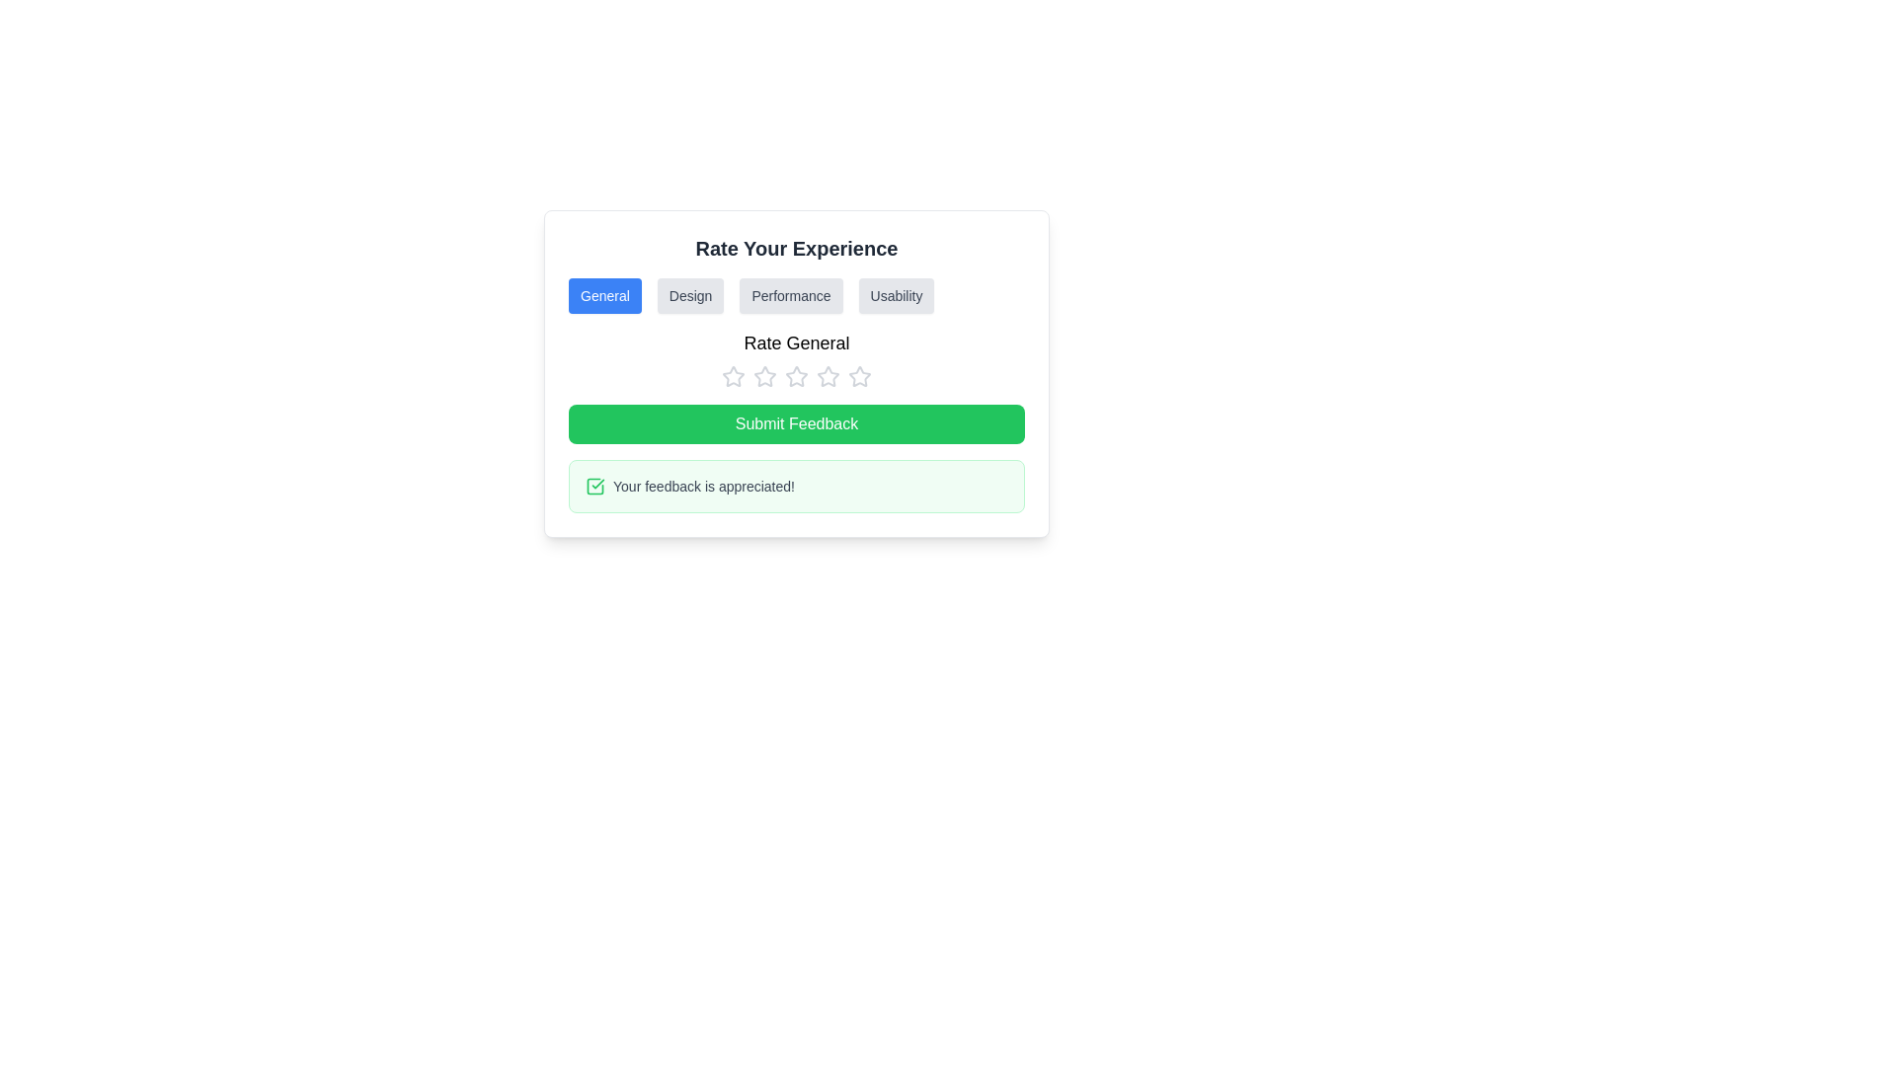  I want to click on the fifth rating star icon in the 5-star rating system, so click(859, 376).